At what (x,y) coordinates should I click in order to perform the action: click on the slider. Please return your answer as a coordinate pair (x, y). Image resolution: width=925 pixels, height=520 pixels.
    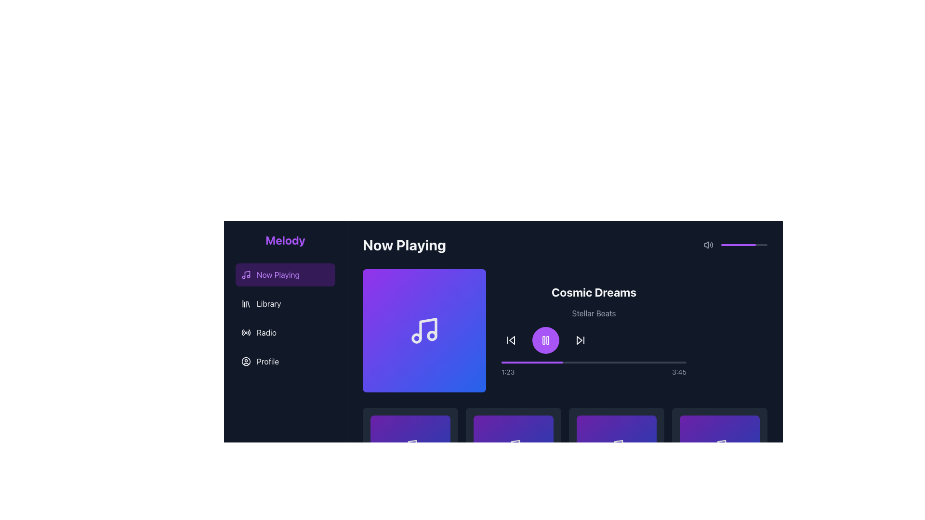
    Looking at the image, I should click on (740, 245).